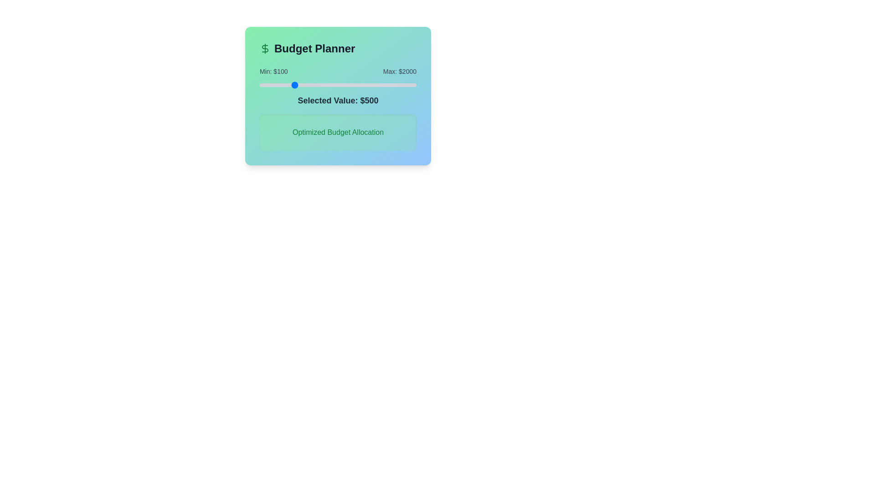 The width and height of the screenshot is (875, 492). What do you see at coordinates (401, 85) in the screenshot?
I see `the slider value to 1816` at bounding box center [401, 85].